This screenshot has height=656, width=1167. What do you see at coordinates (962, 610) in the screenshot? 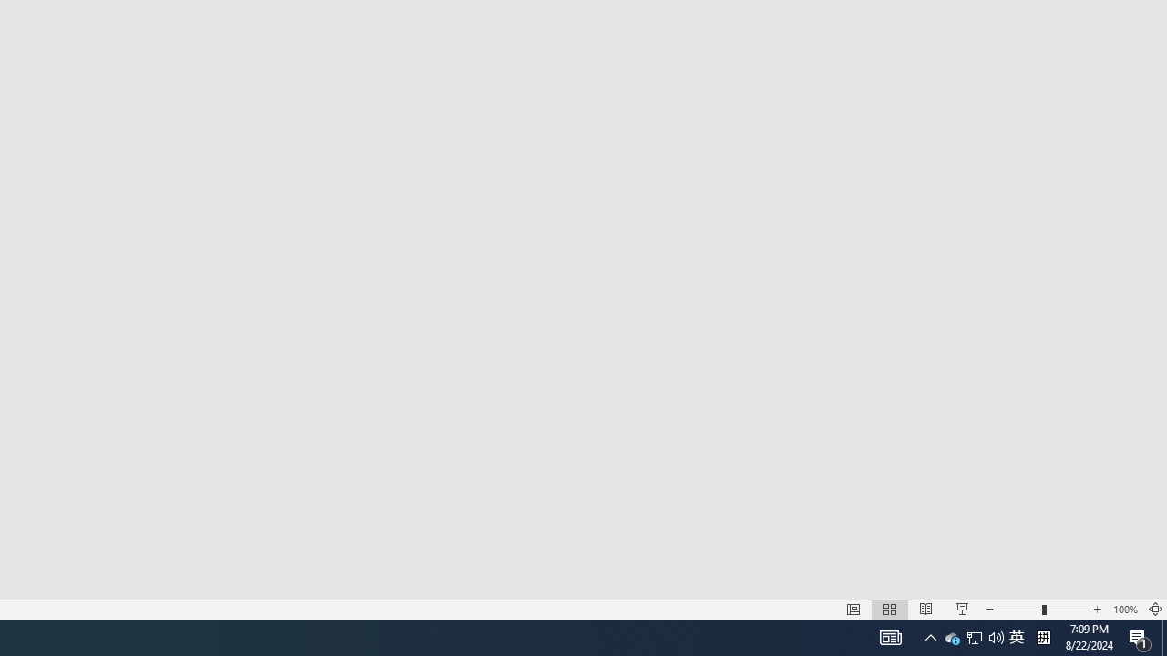
I see `'Slide Show'` at bounding box center [962, 610].